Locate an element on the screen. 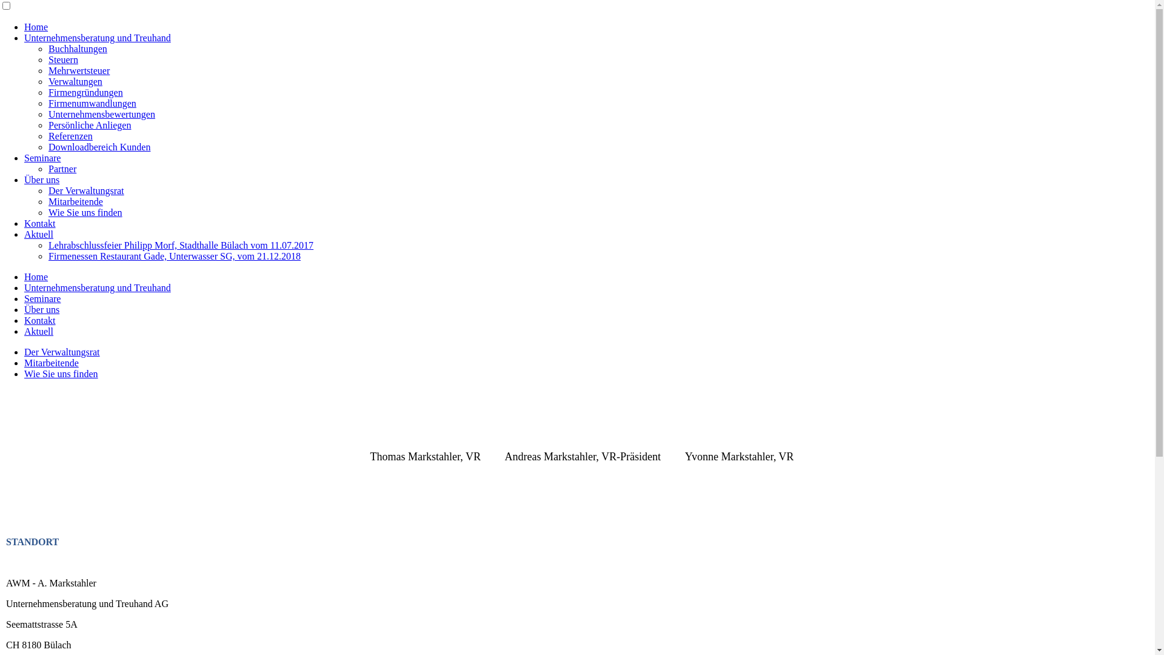  'Mehrwertsteuer' is located at coordinates (48, 70).